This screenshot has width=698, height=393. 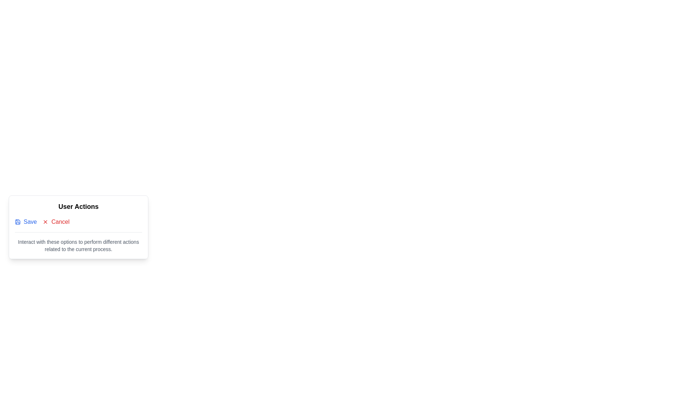 I want to click on the blue outline floppy disk icon representing the Save action, which is part of the Save button located at the top left corner of the User Actions panel, so click(x=17, y=221).